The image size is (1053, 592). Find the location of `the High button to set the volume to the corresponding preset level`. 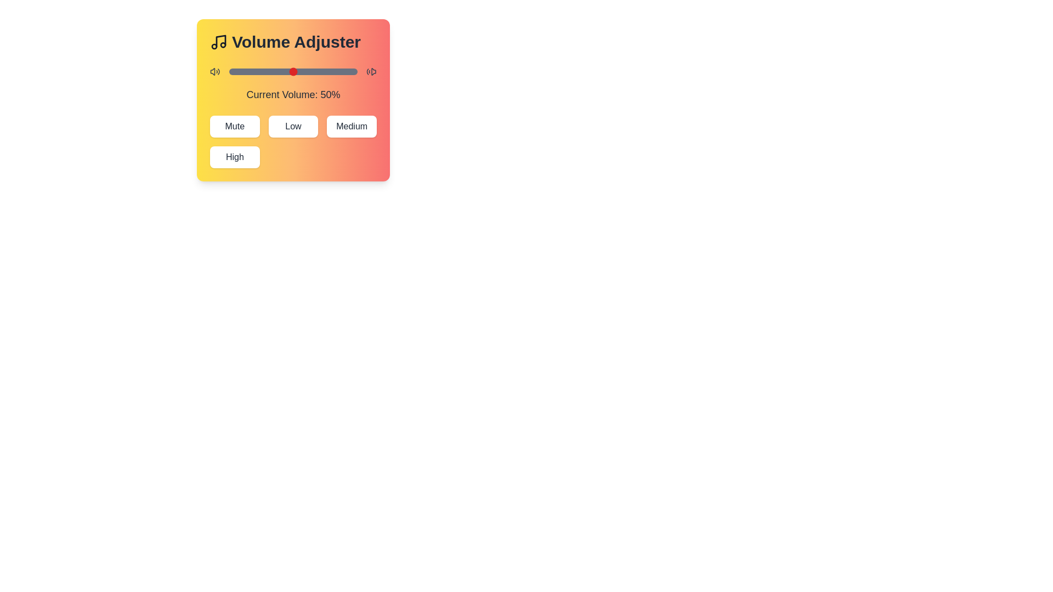

the High button to set the volume to the corresponding preset level is located at coordinates (234, 157).